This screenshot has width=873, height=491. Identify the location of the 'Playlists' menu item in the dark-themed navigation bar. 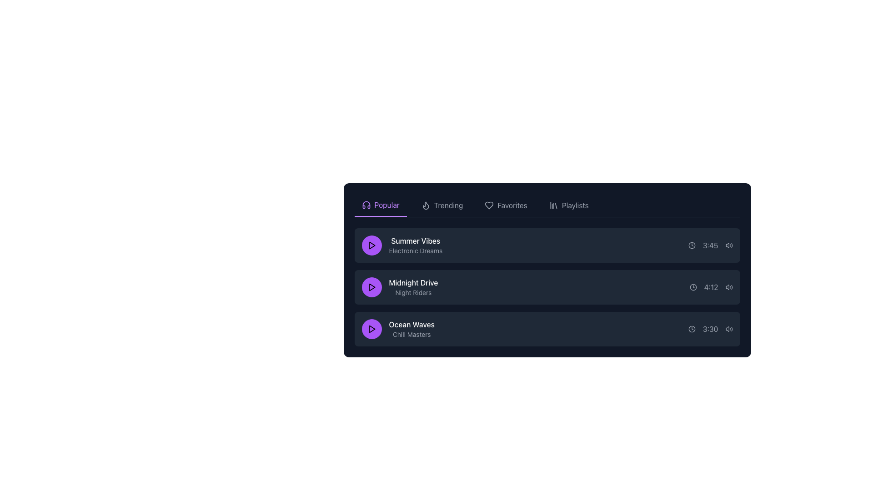
(575, 205).